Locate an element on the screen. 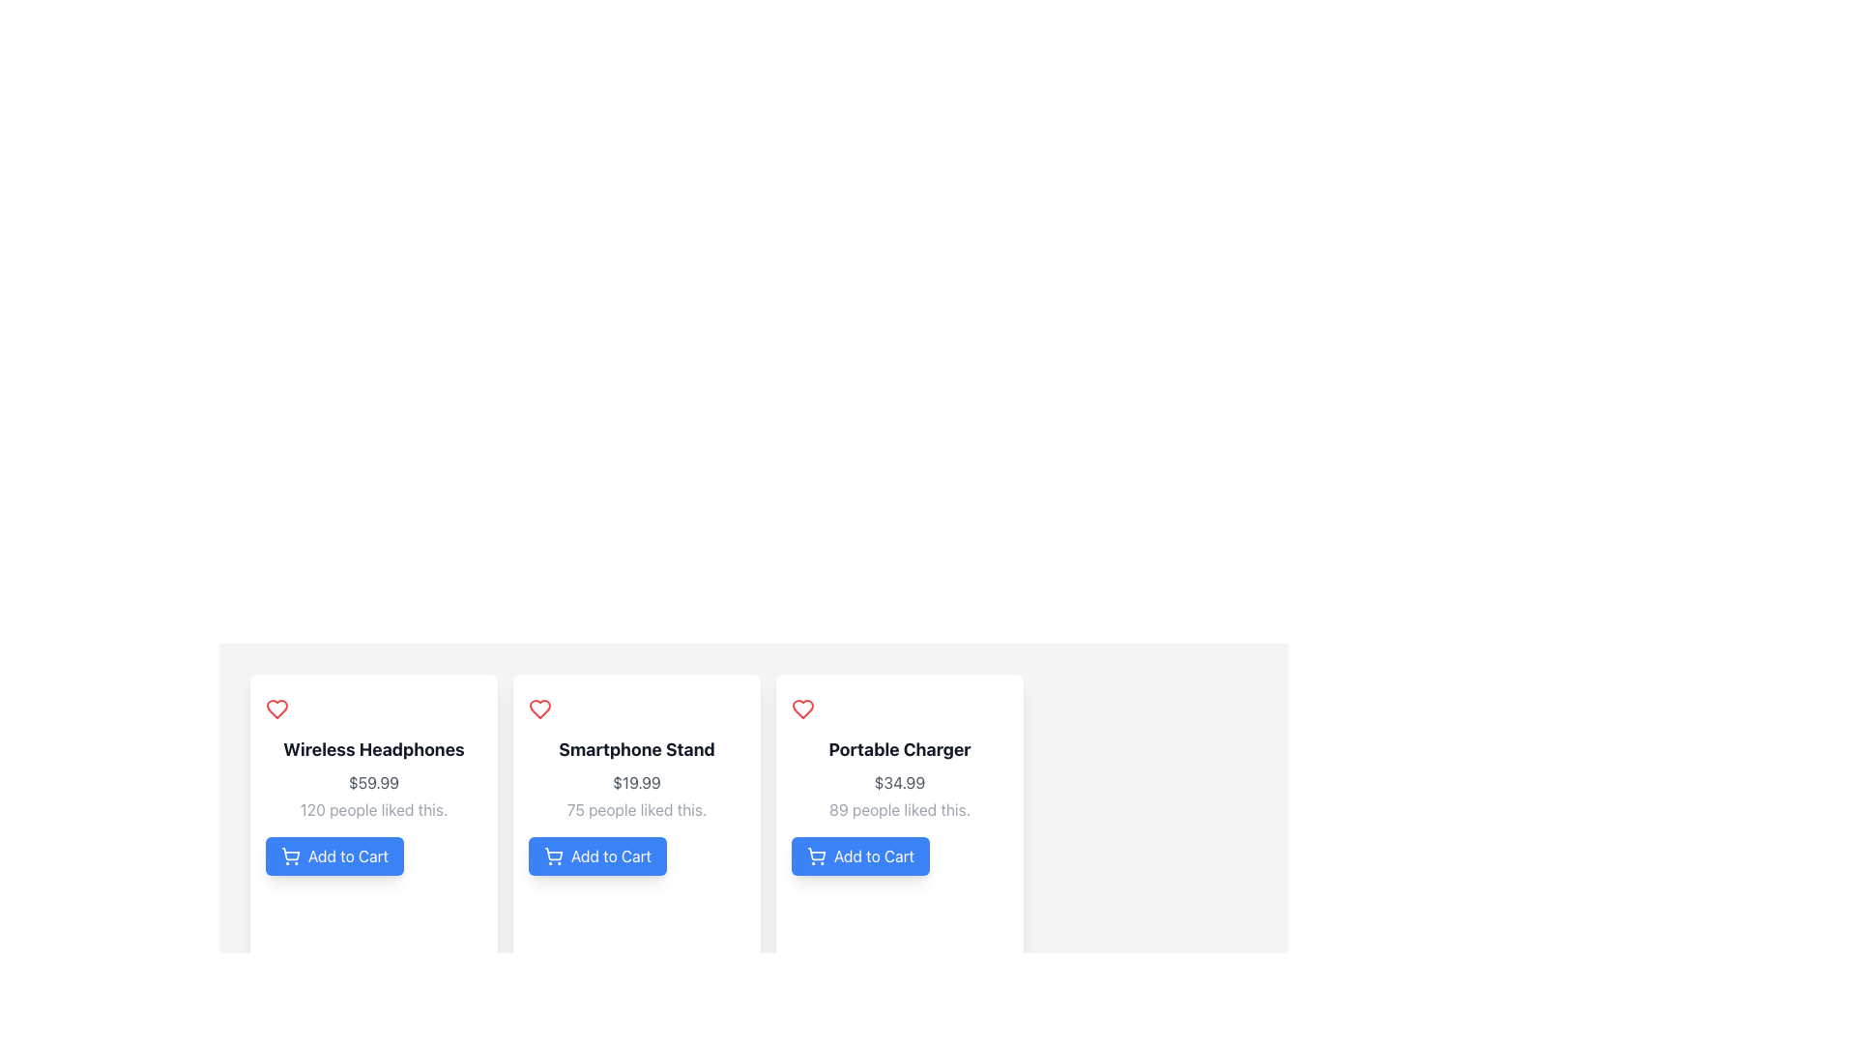  the Text Label that indicates the popularity of the product, located under the price '$59.99' and above the 'Add to Cart' button in the leftmost product card titled 'Wireless Headphones' is located at coordinates (374, 809).